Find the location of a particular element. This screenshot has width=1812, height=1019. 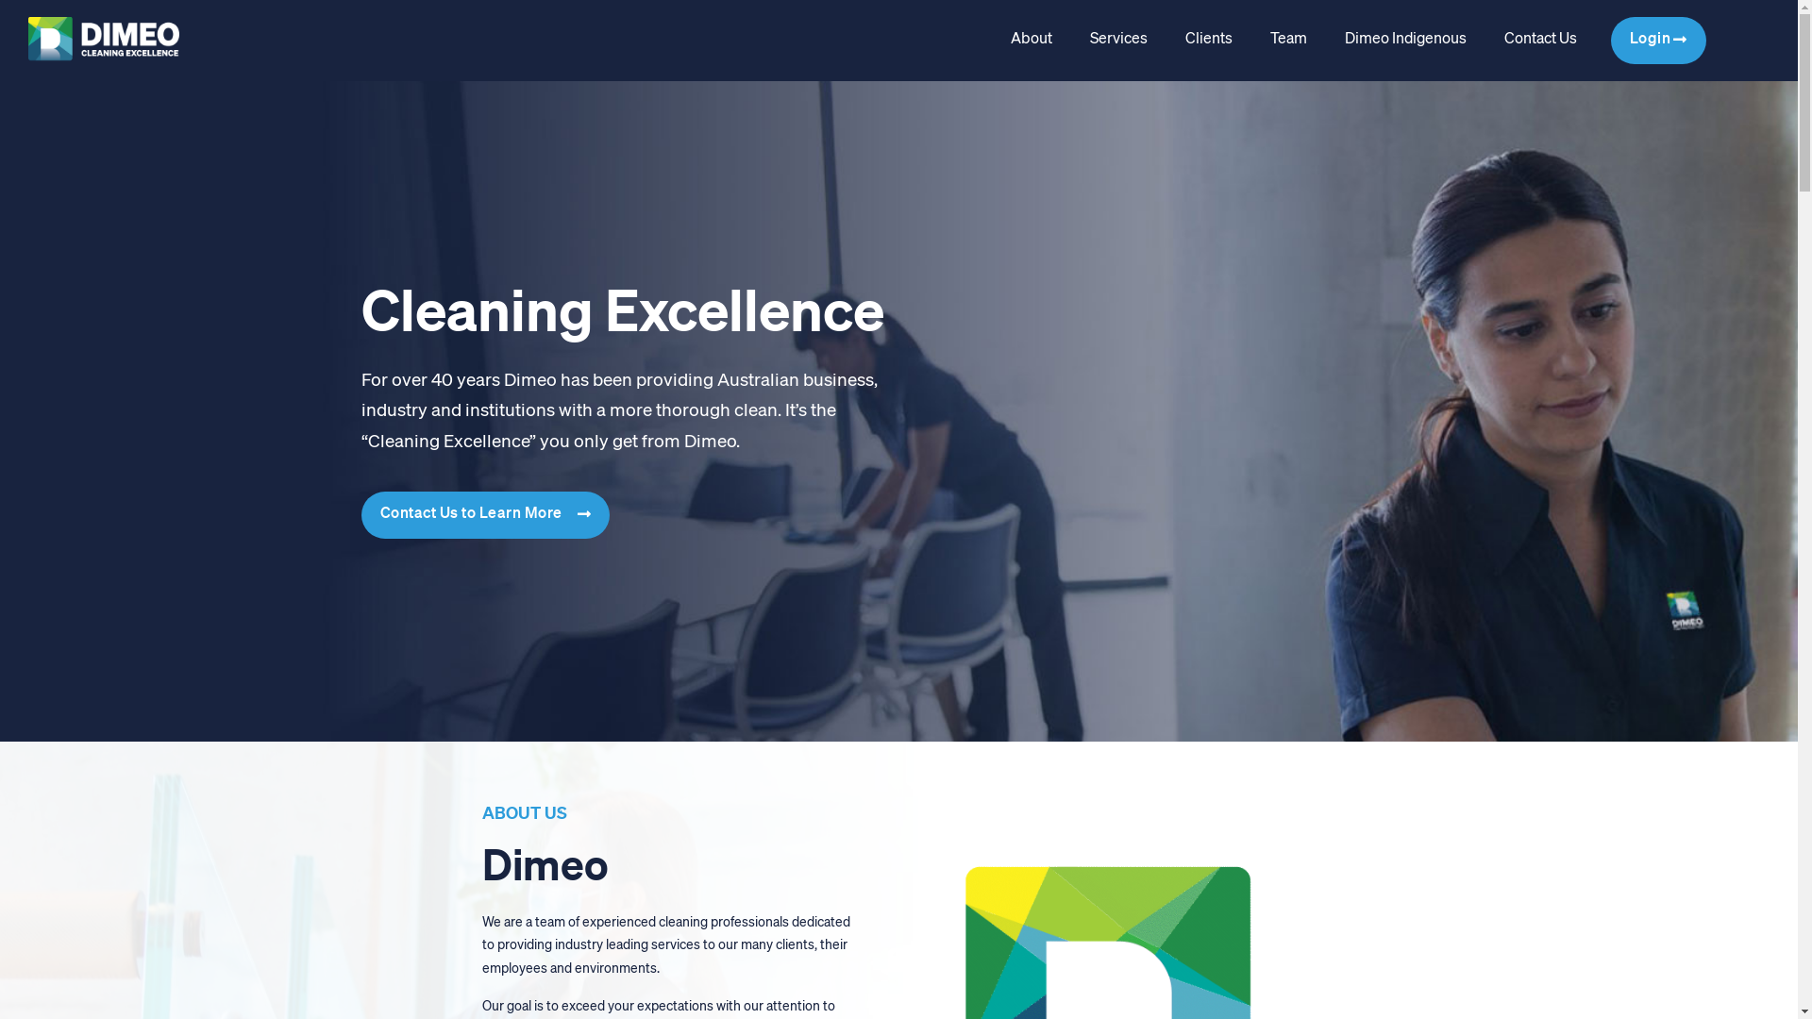

'Services' is located at coordinates (1117, 40).